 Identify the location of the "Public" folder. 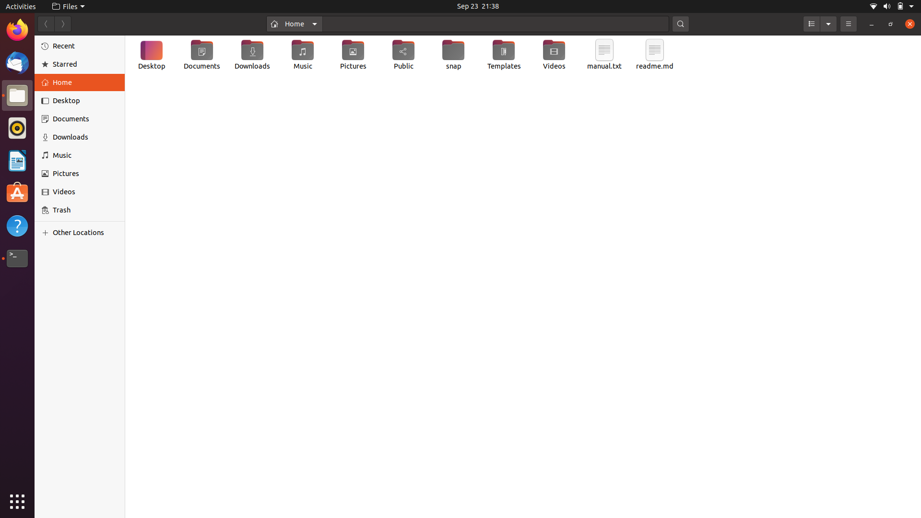
(404, 55).